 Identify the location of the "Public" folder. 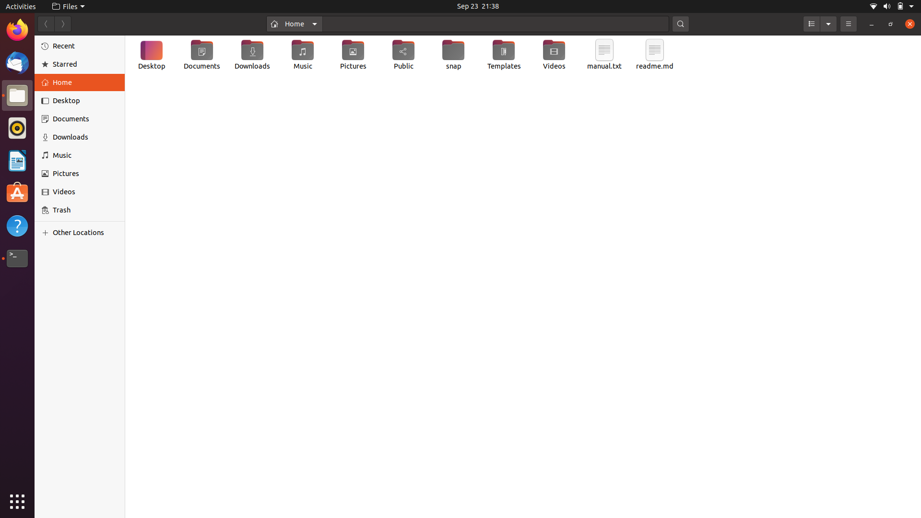
(404, 55).